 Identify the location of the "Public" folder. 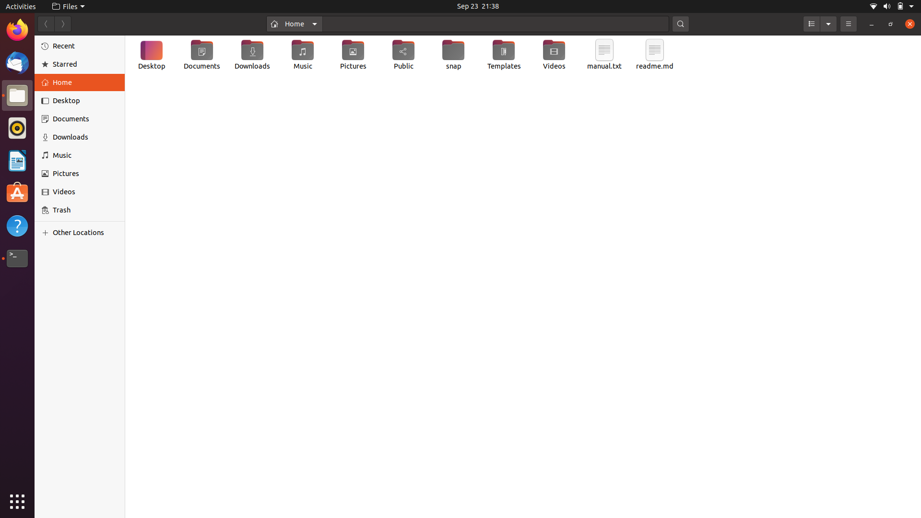
(404, 55).